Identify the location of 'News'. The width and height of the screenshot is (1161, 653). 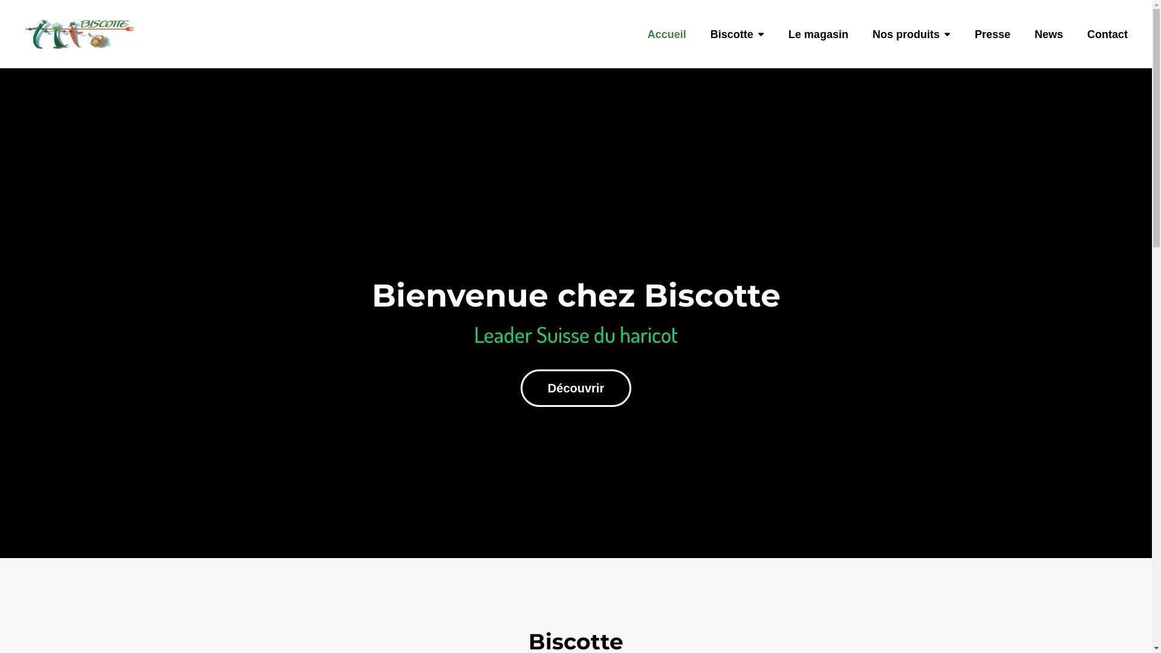
(1048, 48).